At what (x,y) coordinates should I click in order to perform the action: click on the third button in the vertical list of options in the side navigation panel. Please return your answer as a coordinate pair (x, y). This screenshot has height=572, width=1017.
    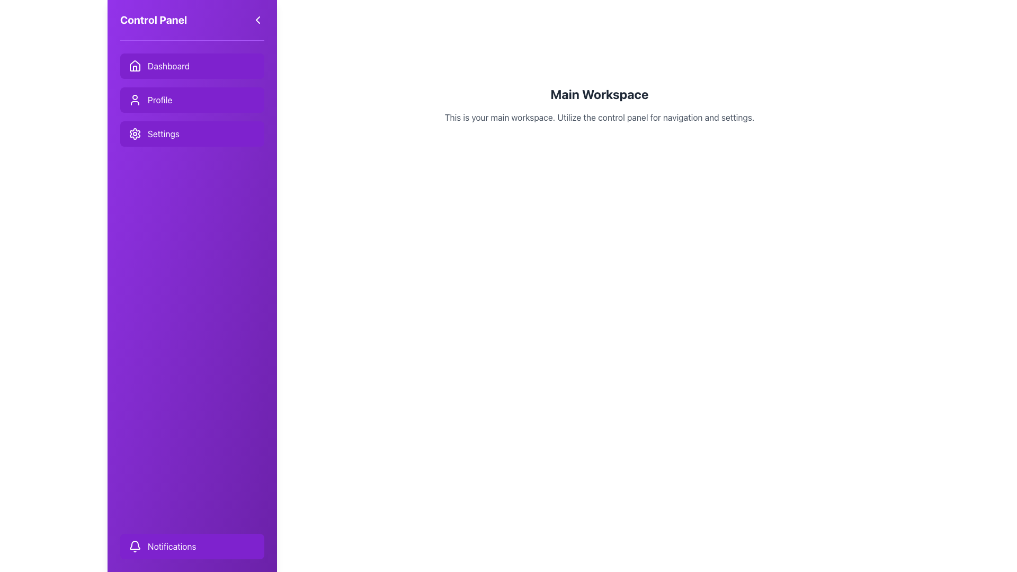
    Looking at the image, I should click on (192, 133).